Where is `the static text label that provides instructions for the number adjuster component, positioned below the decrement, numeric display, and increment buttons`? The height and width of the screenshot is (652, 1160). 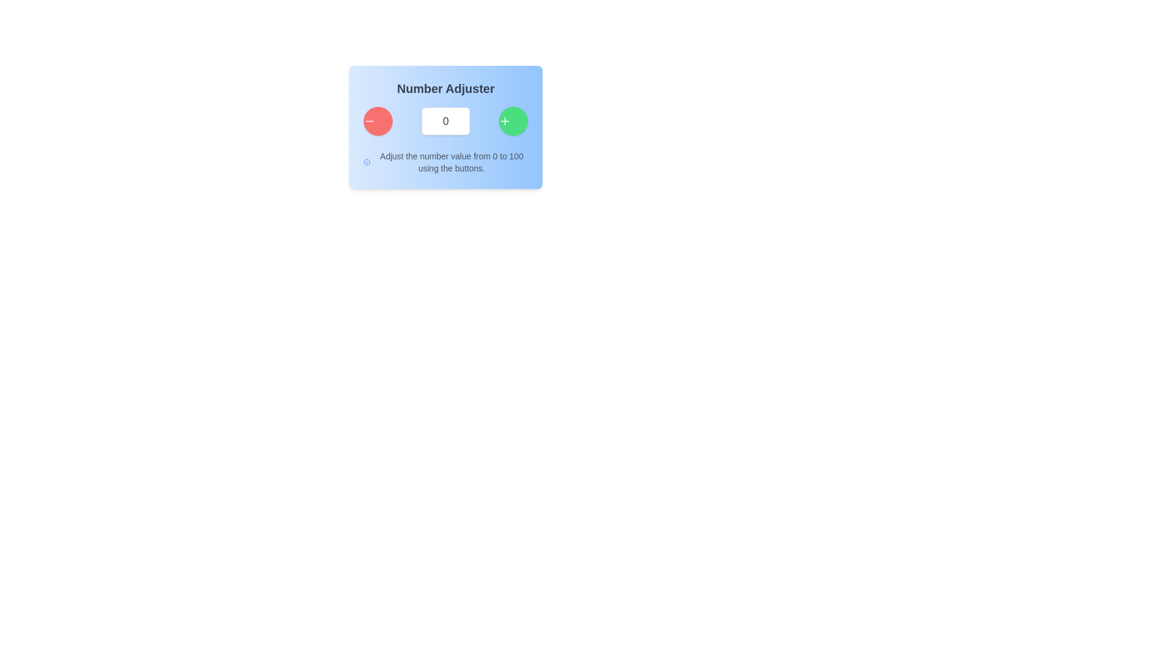
the static text label that provides instructions for the number adjuster component, positioned below the decrement, numeric display, and increment buttons is located at coordinates (451, 162).